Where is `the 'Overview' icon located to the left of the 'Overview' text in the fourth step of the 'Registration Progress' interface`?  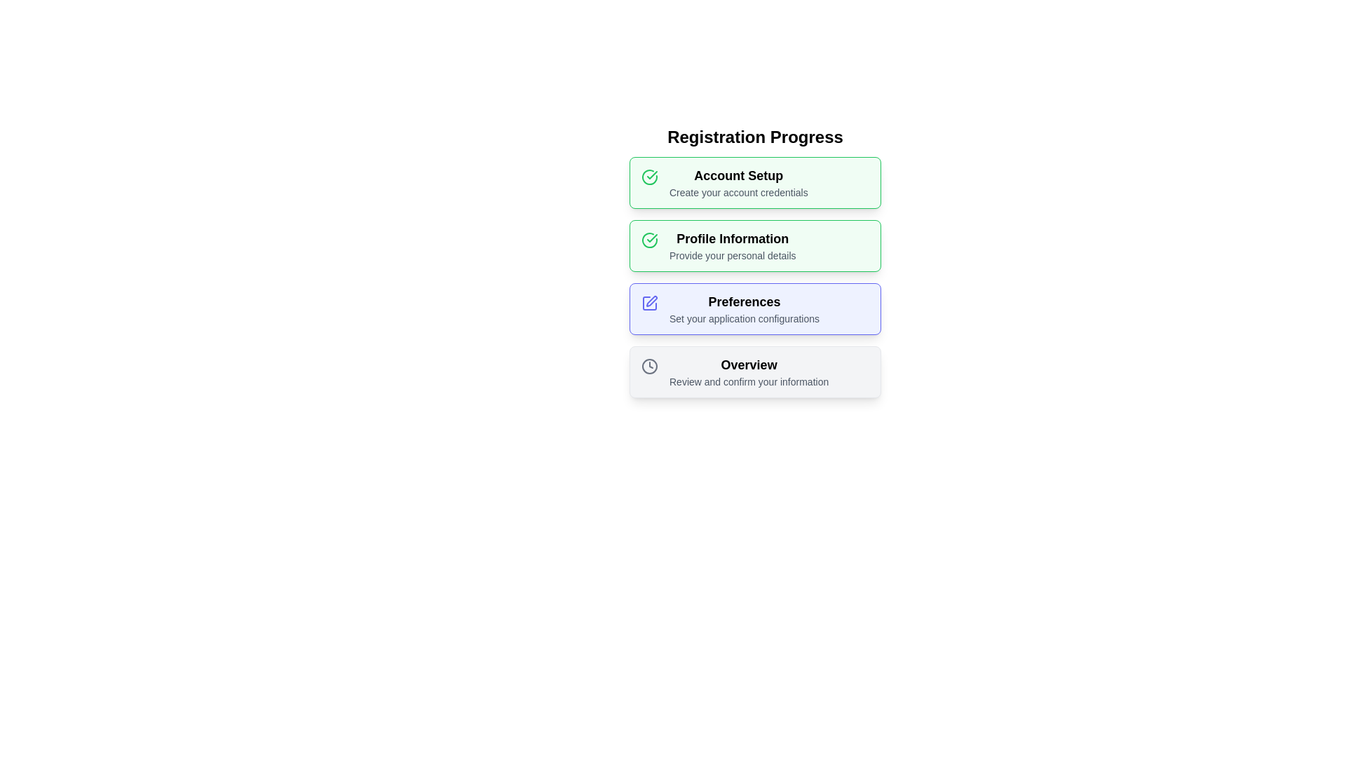 the 'Overview' icon located to the left of the 'Overview' text in the fourth step of the 'Registration Progress' interface is located at coordinates (648, 366).